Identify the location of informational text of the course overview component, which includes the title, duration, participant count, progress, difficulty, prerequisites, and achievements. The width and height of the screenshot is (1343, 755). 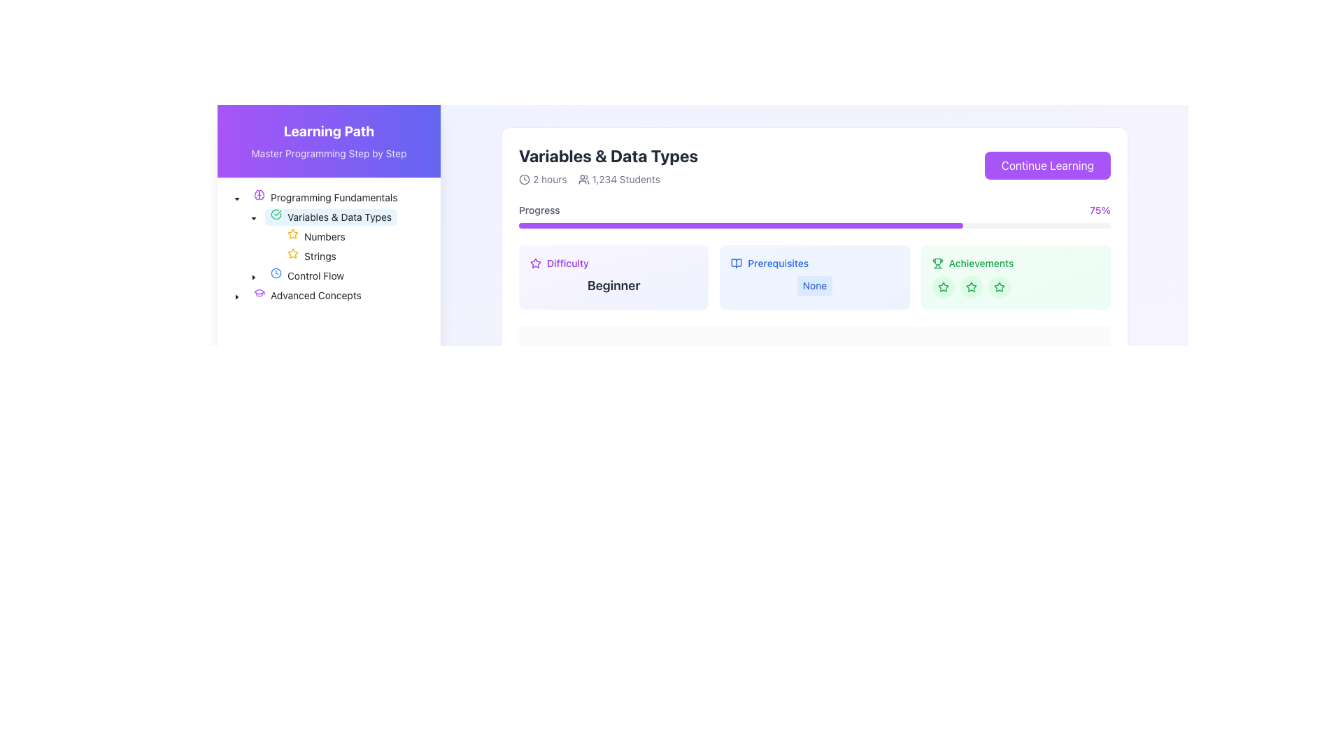
(815, 289).